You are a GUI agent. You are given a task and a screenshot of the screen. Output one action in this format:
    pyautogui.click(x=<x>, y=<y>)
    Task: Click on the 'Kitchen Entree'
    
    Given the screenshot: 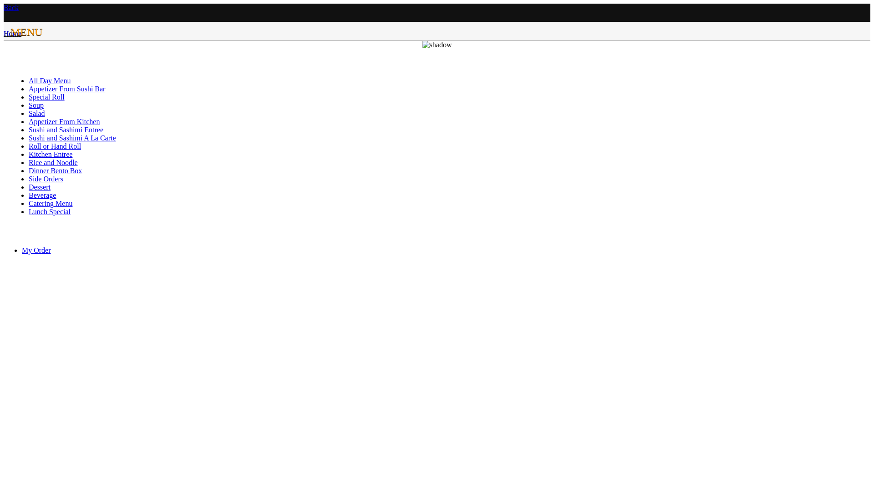 What is the action you would take?
    pyautogui.click(x=50, y=154)
    